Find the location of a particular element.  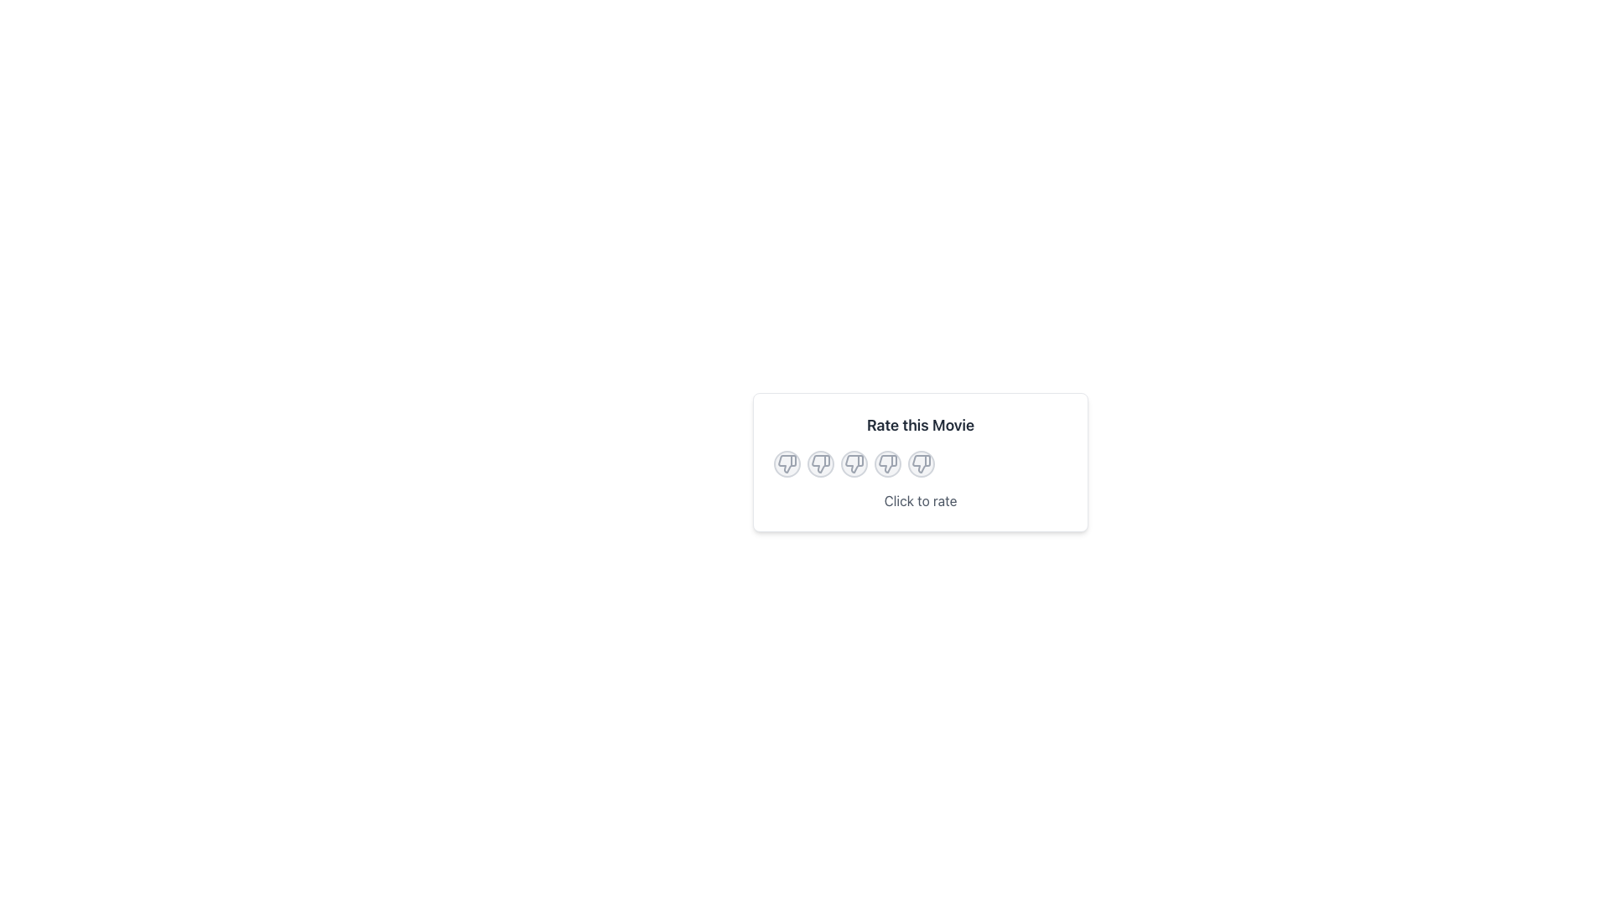

the dislike icon button located in the middle-right of the 'Rate this Movie' card is located at coordinates (921, 464).